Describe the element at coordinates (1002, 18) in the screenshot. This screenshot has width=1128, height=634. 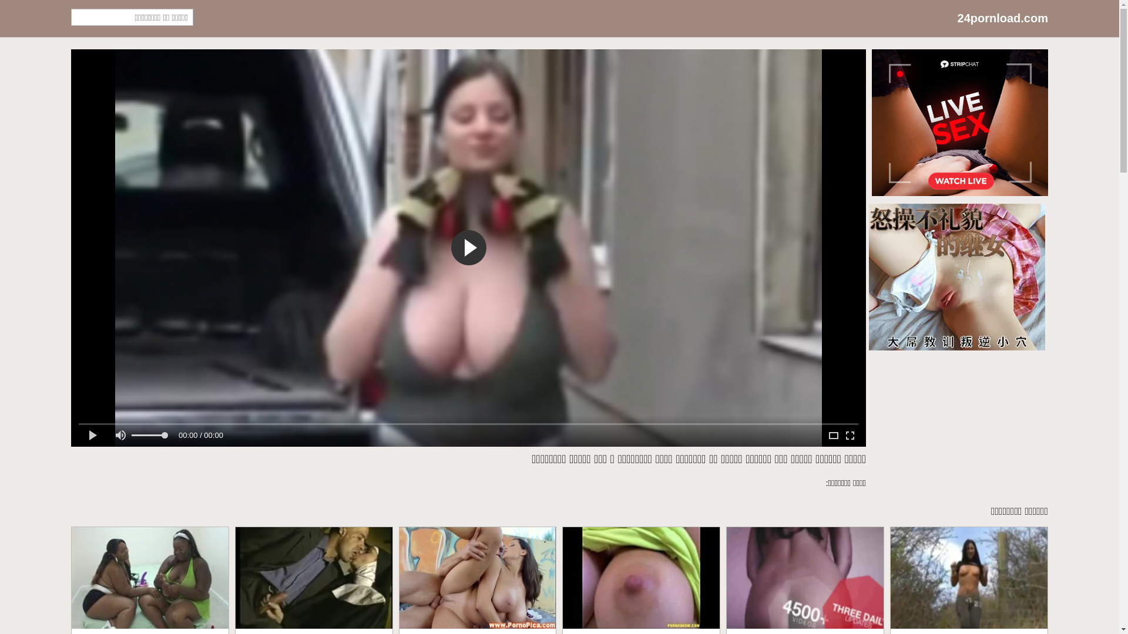
I see `'24pornload.com'` at that location.